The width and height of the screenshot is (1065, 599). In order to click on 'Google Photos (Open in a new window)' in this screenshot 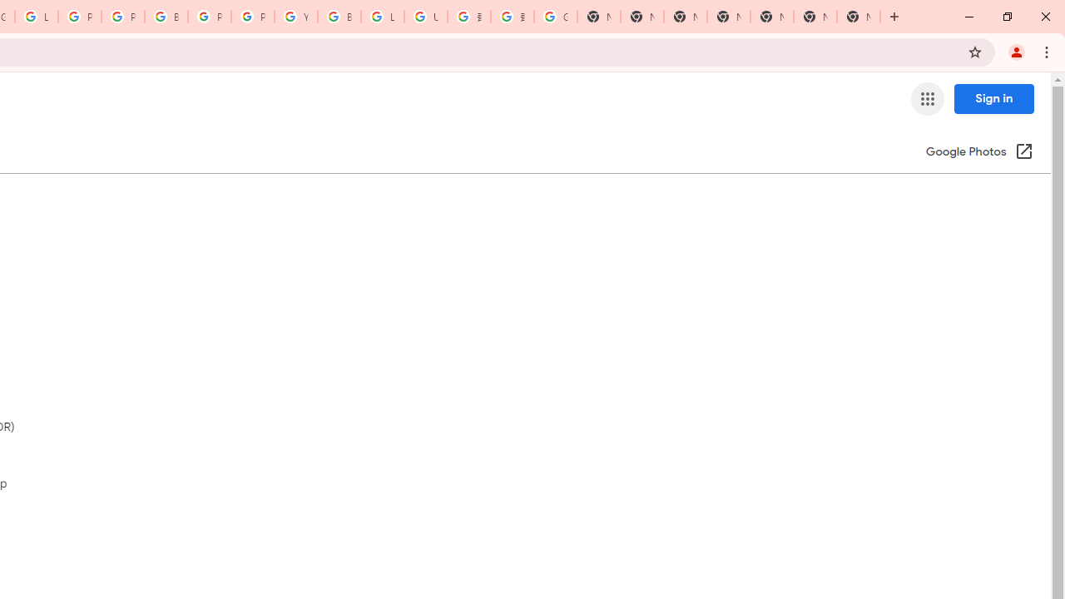, I will do `click(979, 152)`.